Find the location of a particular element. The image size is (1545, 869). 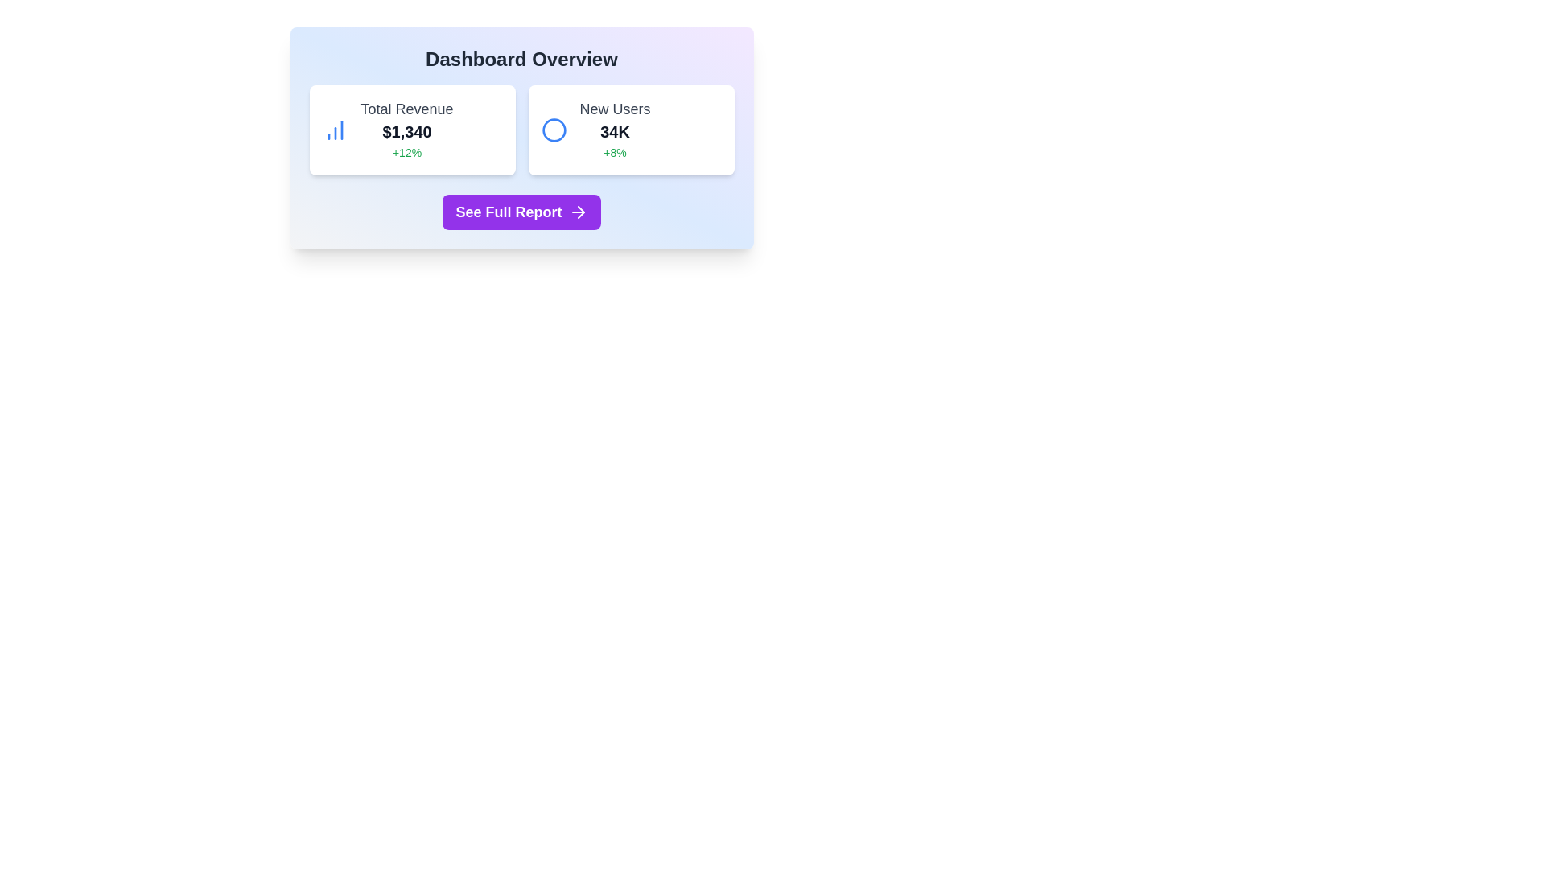

the rightward arrow icon with a purple background located at the far right of the 'See Full Report' button is located at coordinates (578, 211).